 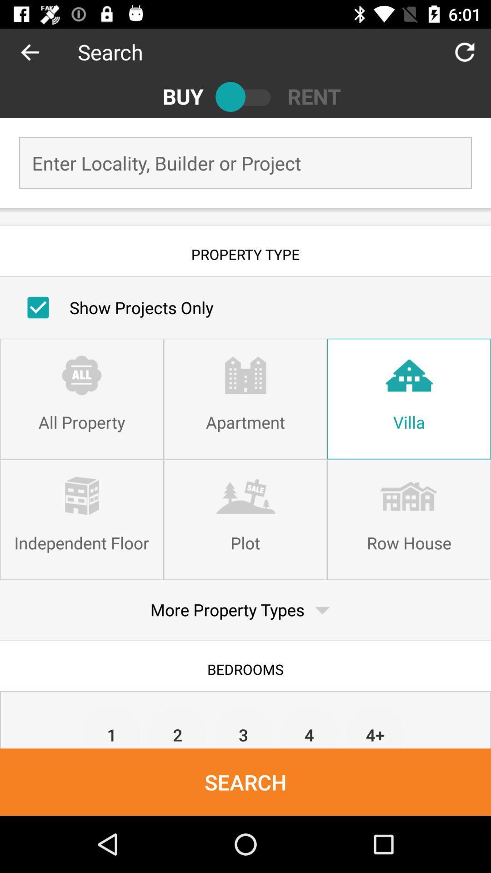 I want to click on search option, so click(x=245, y=96).